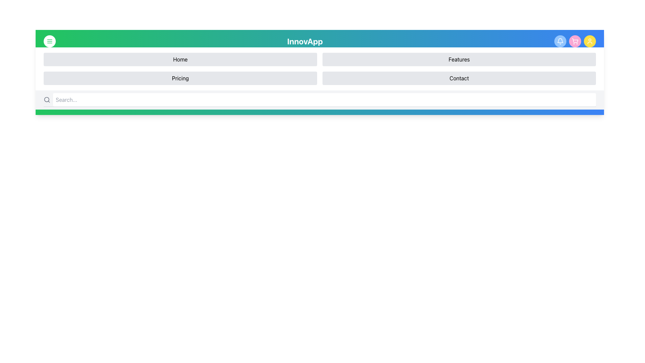 Image resolution: width=645 pixels, height=363 pixels. What do you see at coordinates (319, 41) in the screenshot?
I see `the non-interactive text logo 'InnovApp' located centrally in the header bar of the application` at bounding box center [319, 41].